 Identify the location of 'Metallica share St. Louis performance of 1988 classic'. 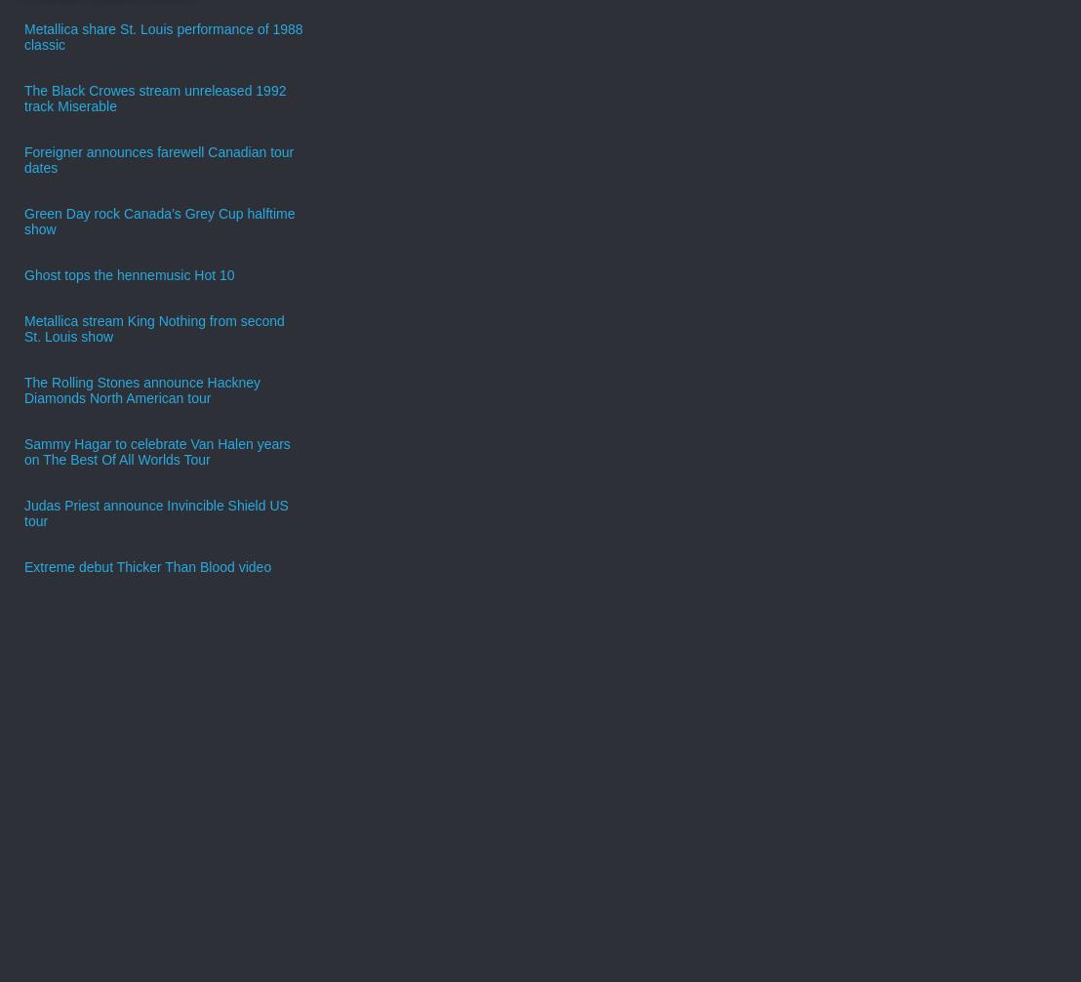
(162, 36).